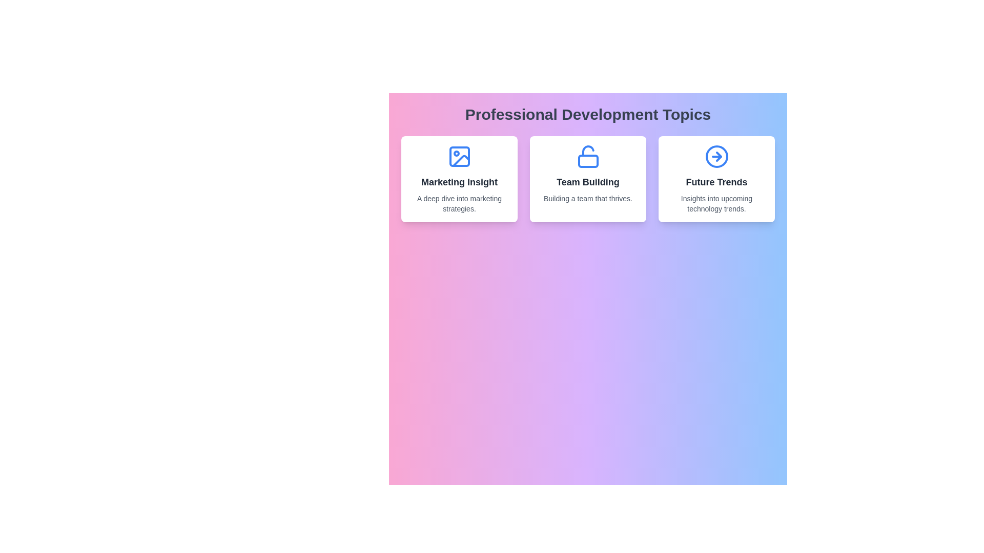 Image resolution: width=984 pixels, height=553 pixels. Describe the element at coordinates (716, 179) in the screenshot. I see `the card titled 'Future Trends' to observe its hover effect` at that location.